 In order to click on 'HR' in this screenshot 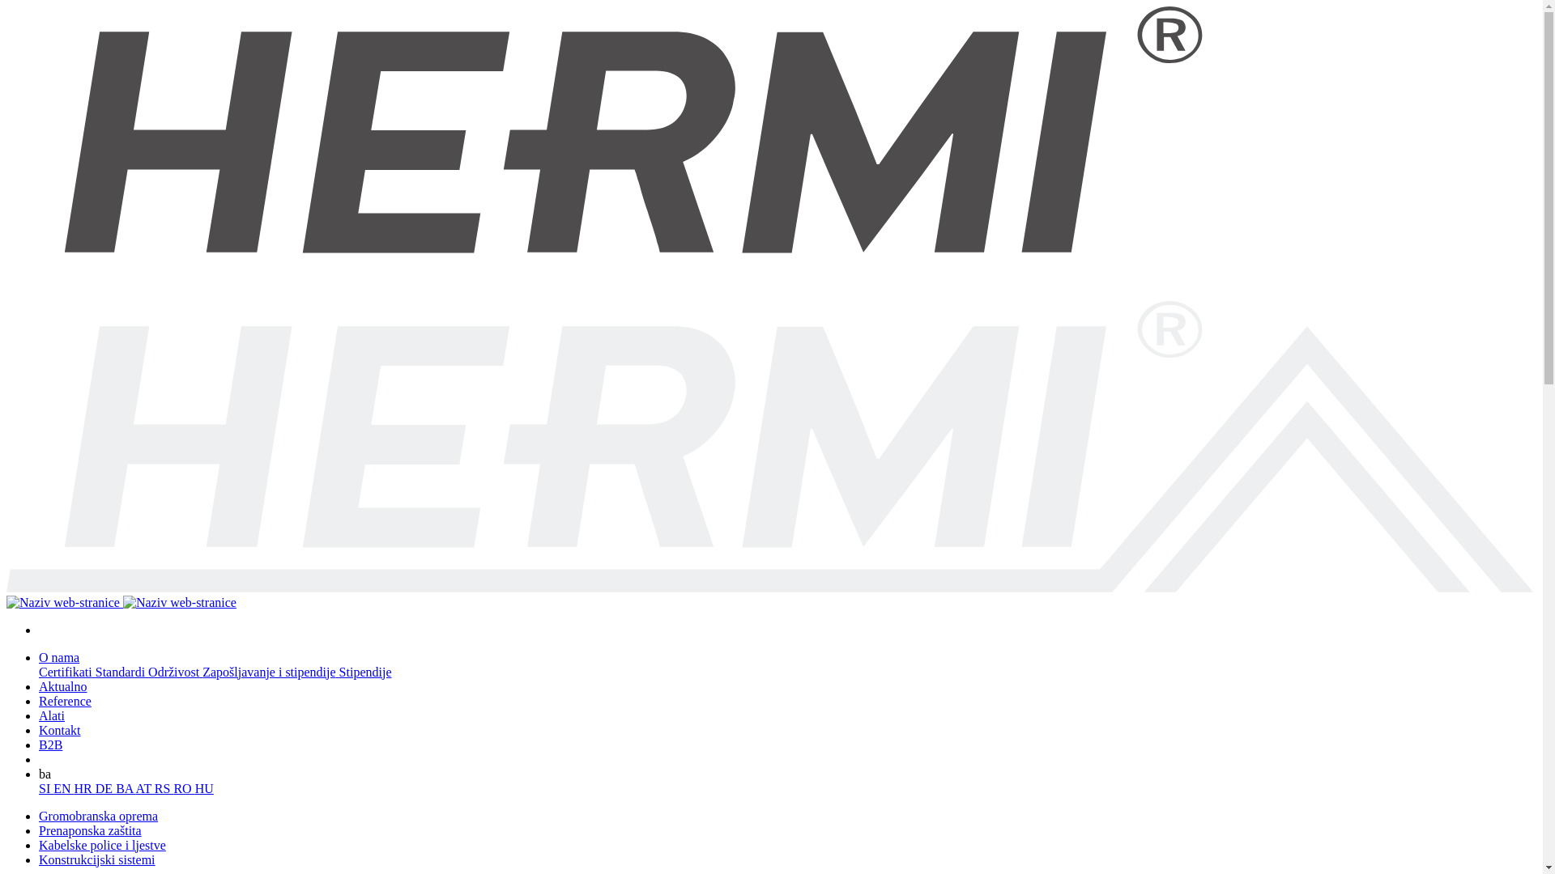, I will do `click(84, 787)`.